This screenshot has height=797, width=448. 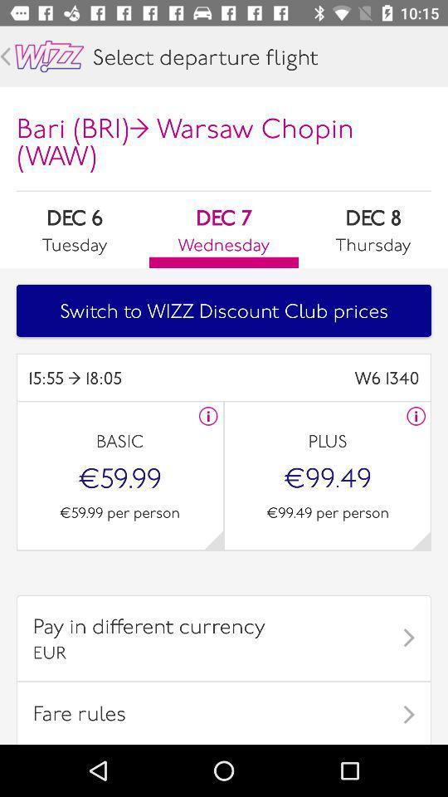 What do you see at coordinates (4, 56) in the screenshot?
I see `previous` at bounding box center [4, 56].